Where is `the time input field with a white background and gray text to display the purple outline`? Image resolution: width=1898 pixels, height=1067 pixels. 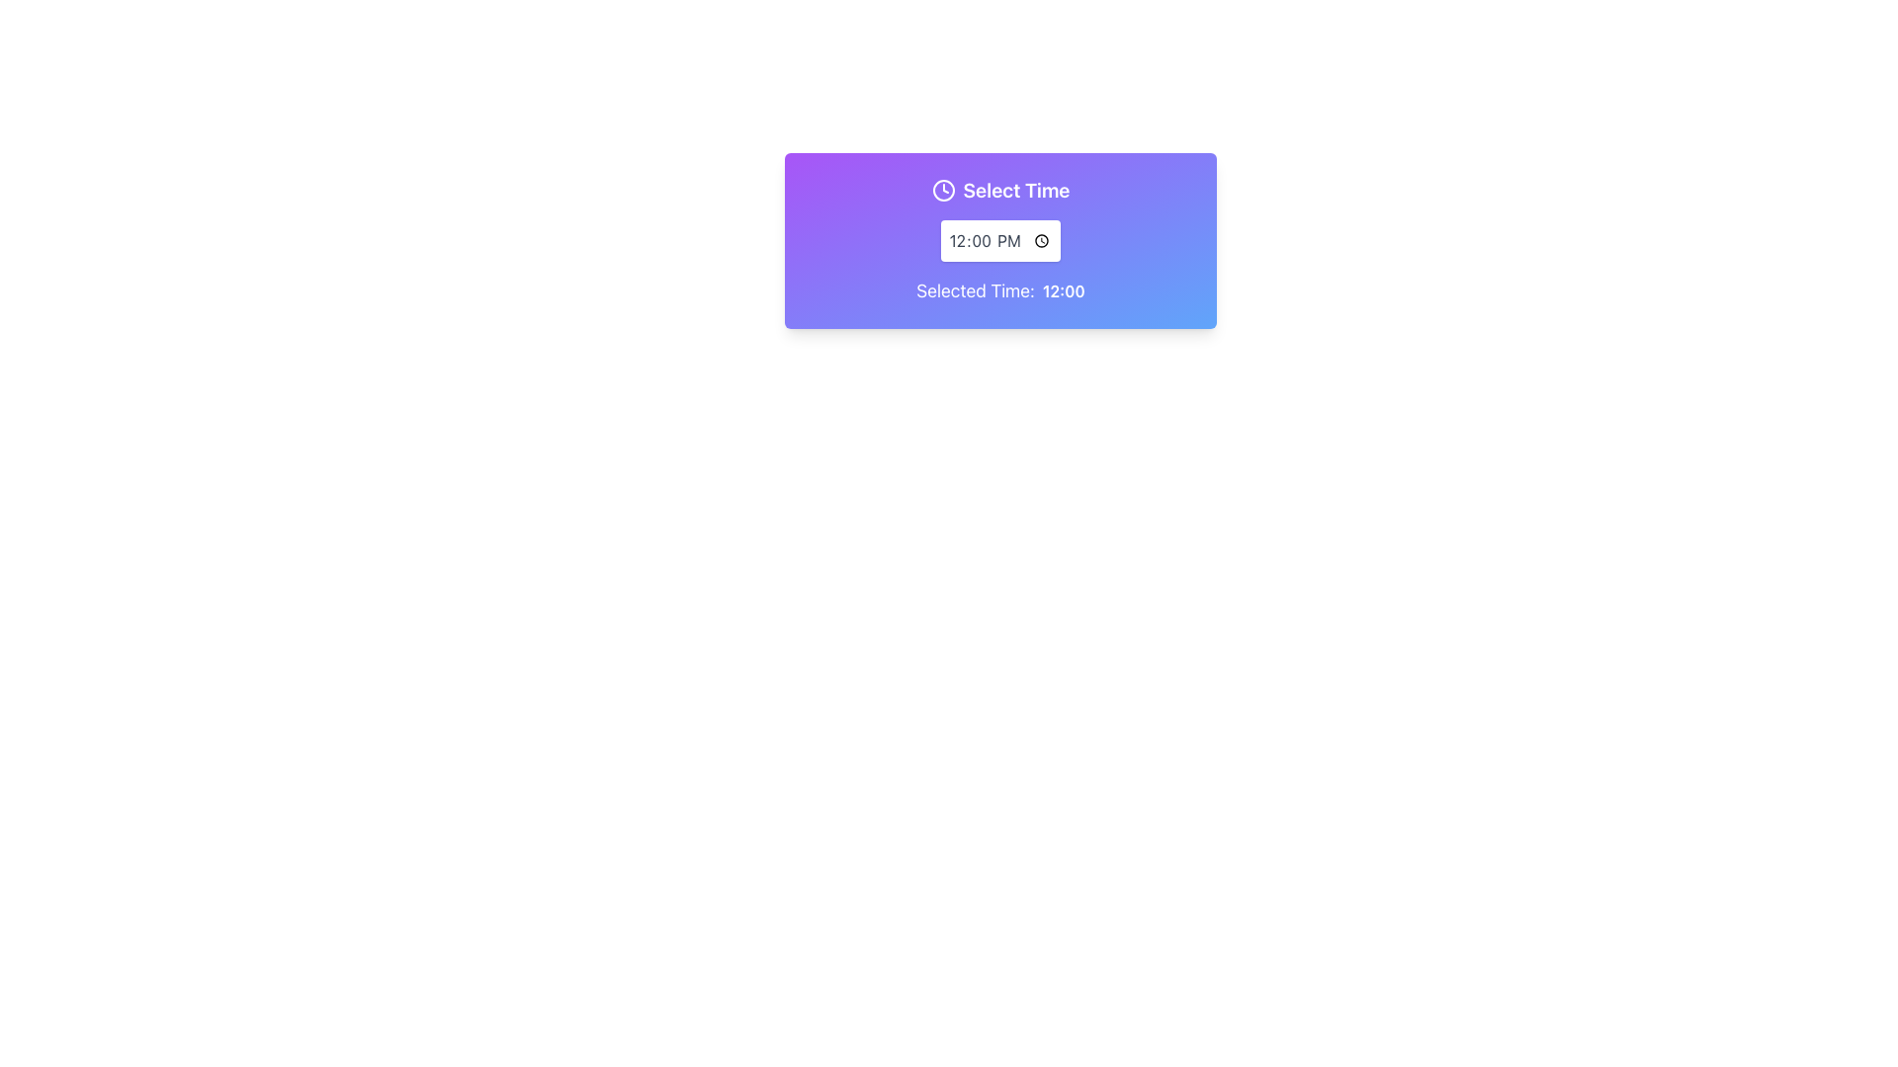
the time input field with a white background and gray text to display the purple outline is located at coordinates (1000, 239).